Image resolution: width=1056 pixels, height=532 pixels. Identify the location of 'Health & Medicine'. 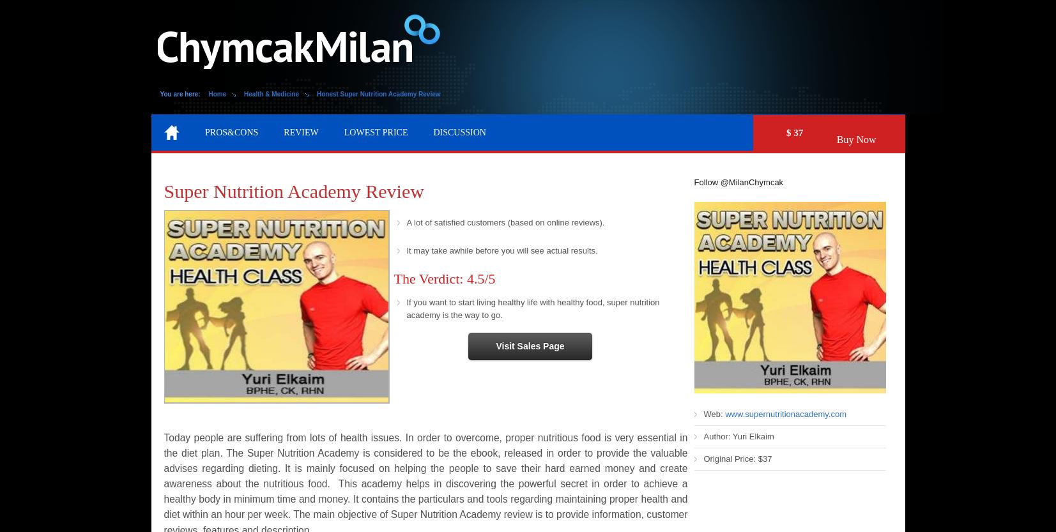
(270, 94).